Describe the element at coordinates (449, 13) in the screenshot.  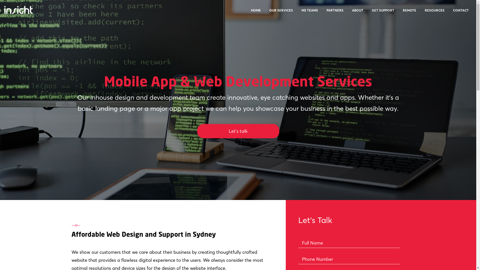
I see `'CONTACT'` at that location.